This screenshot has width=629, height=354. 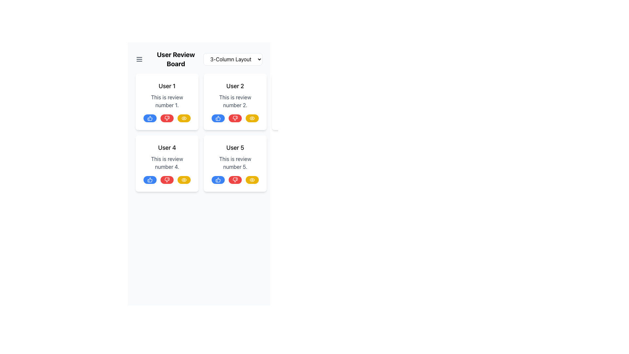 What do you see at coordinates (235, 118) in the screenshot?
I see `the 'dislike' button, which is the second button` at bounding box center [235, 118].